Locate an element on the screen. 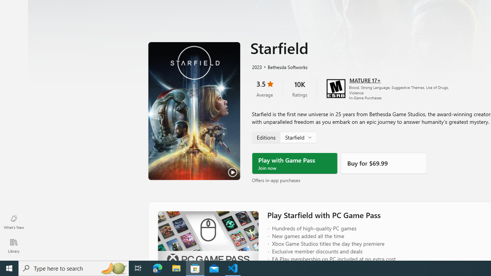  '2023' is located at coordinates (256, 66).